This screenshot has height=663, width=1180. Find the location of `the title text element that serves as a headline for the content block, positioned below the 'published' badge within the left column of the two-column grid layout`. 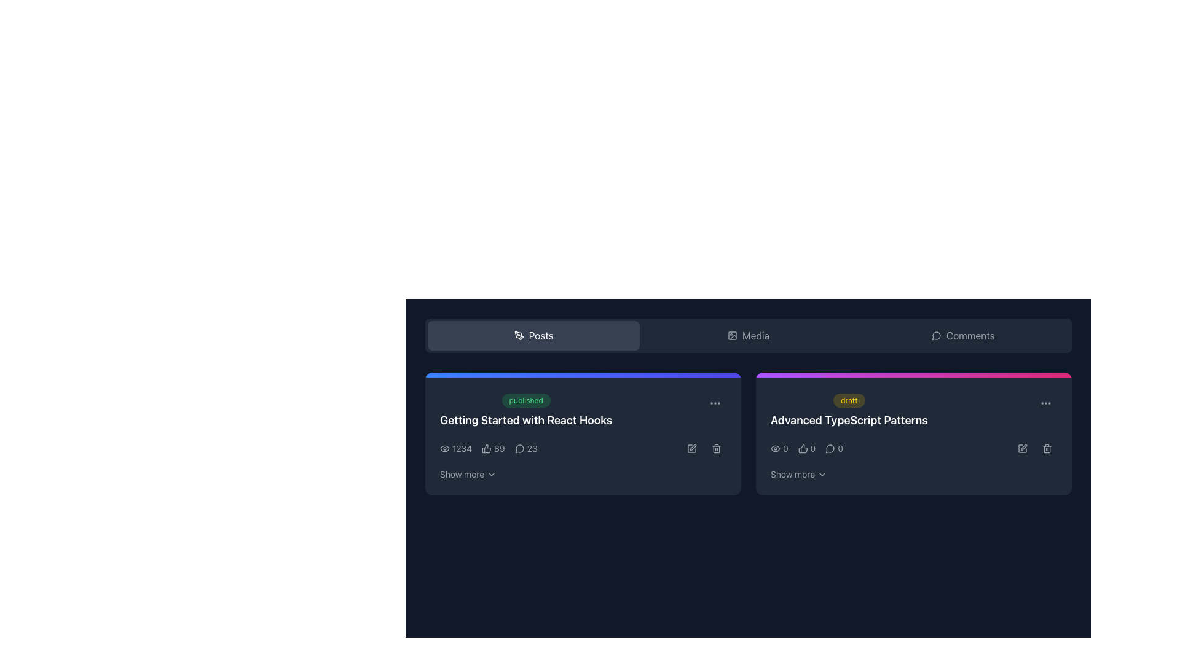

the title text element that serves as a headline for the content block, positioned below the 'published' badge within the left column of the two-column grid layout is located at coordinates (526, 420).